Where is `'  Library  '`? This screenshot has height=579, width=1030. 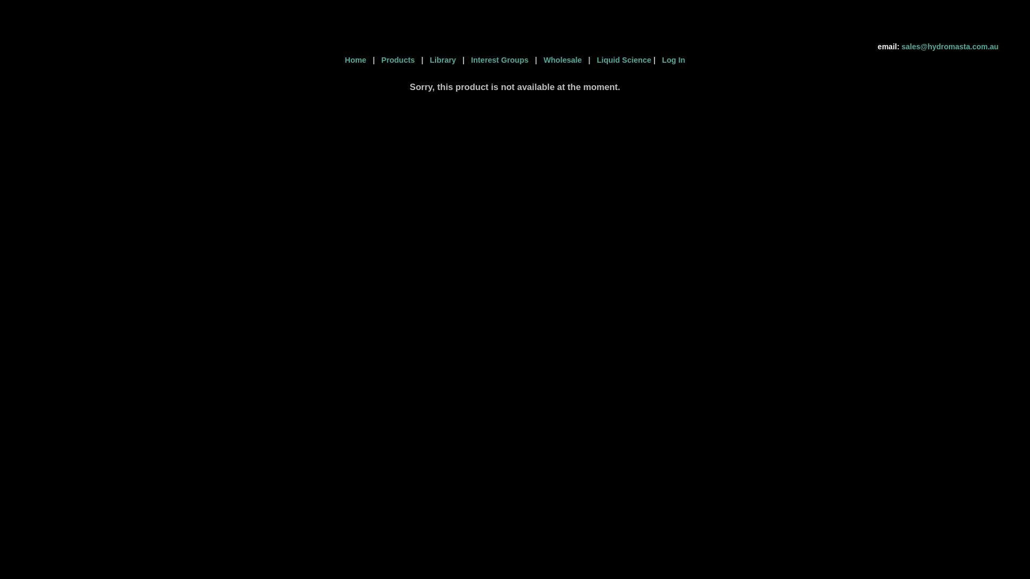 '  Library  ' is located at coordinates (443, 60).